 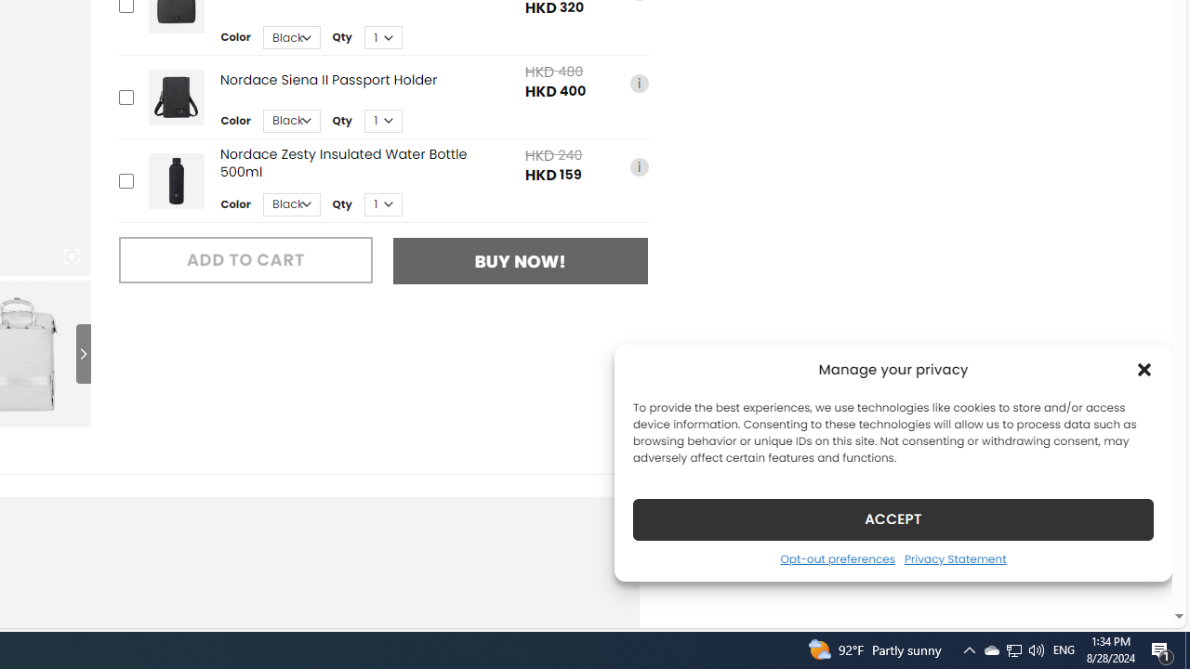 What do you see at coordinates (836, 557) in the screenshot?
I see `'Opt-out preferences'` at bounding box center [836, 557].